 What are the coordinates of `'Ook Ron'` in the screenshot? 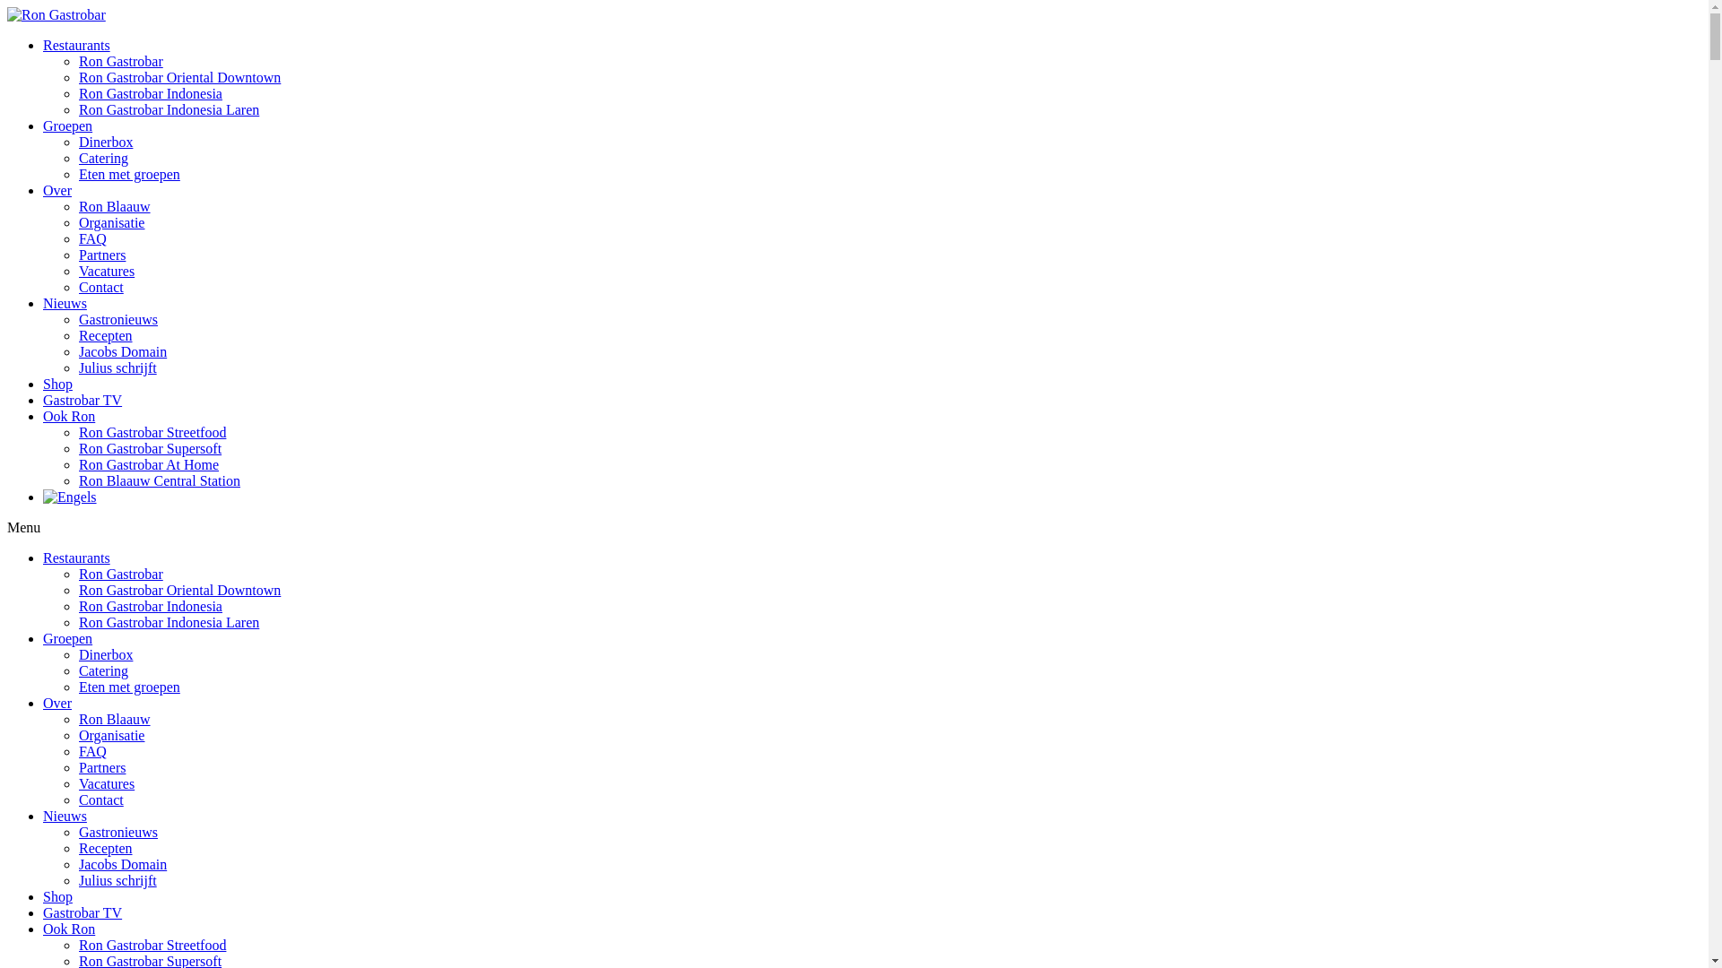 It's located at (68, 928).